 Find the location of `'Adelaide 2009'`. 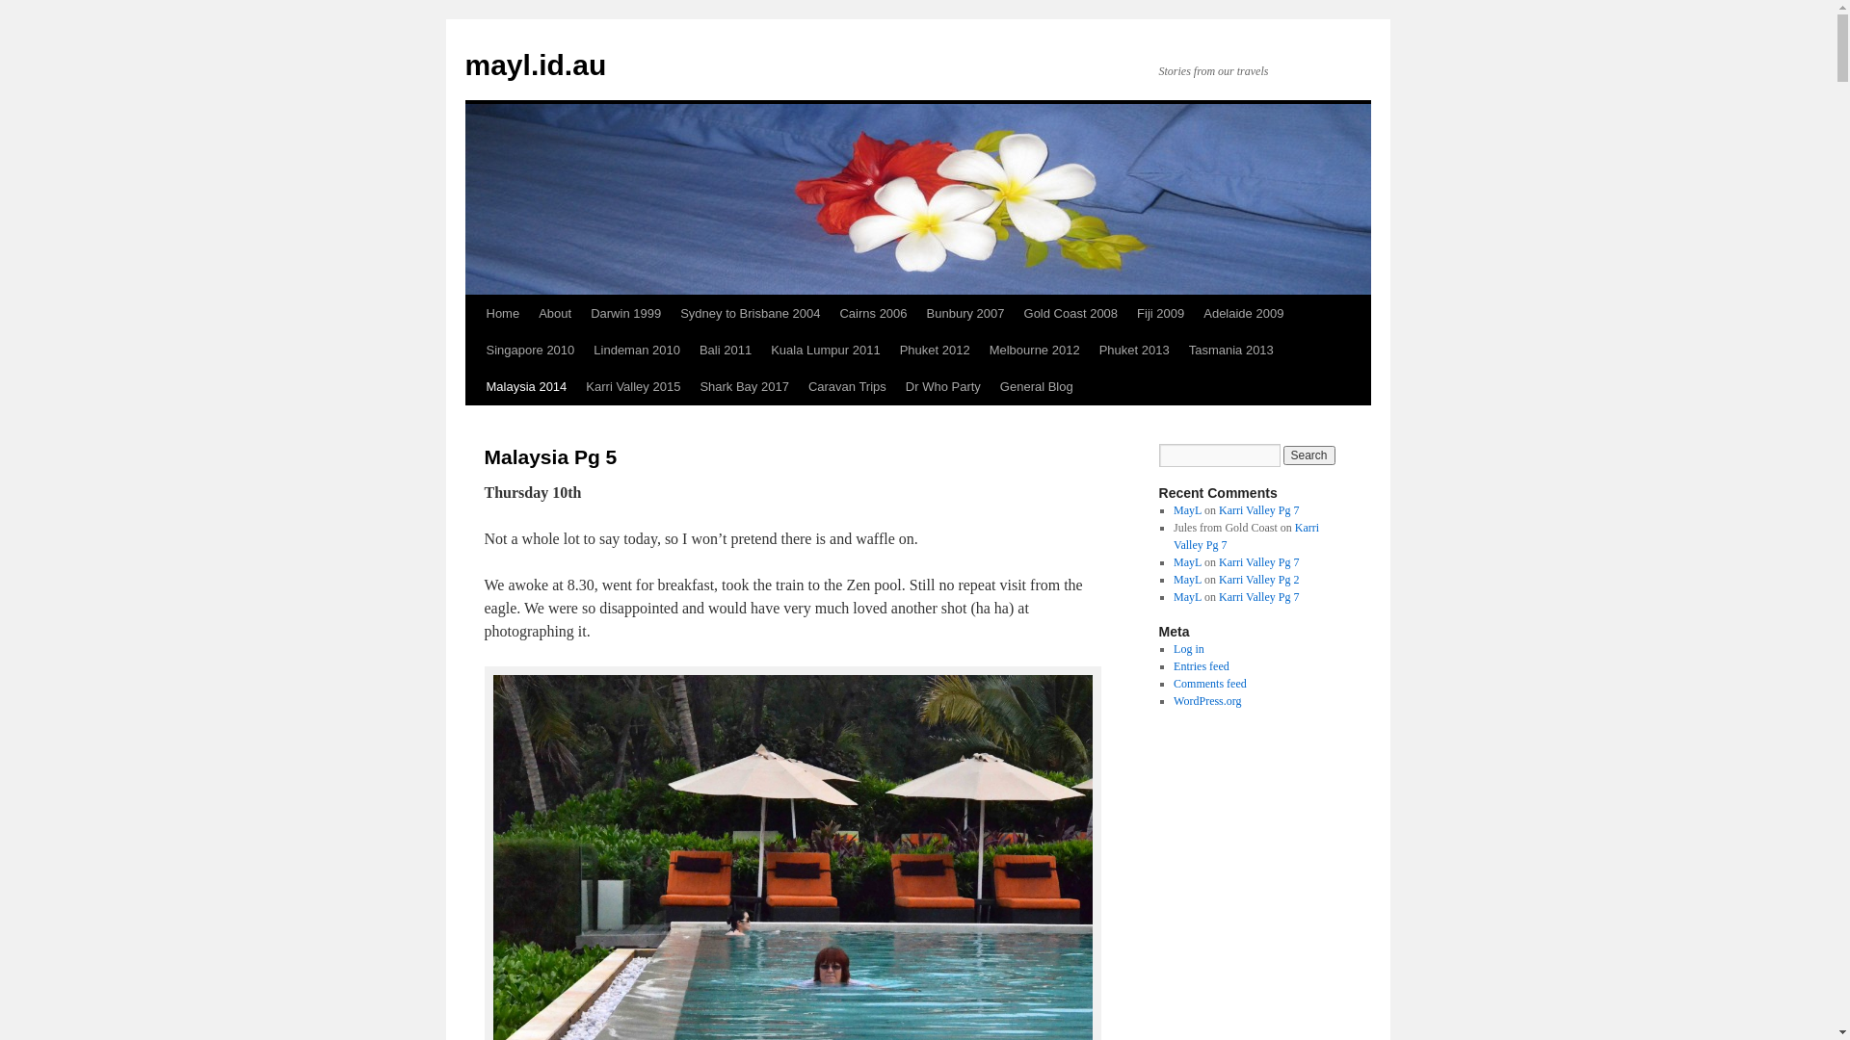

'Adelaide 2009' is located at coordinates (1243, 313).